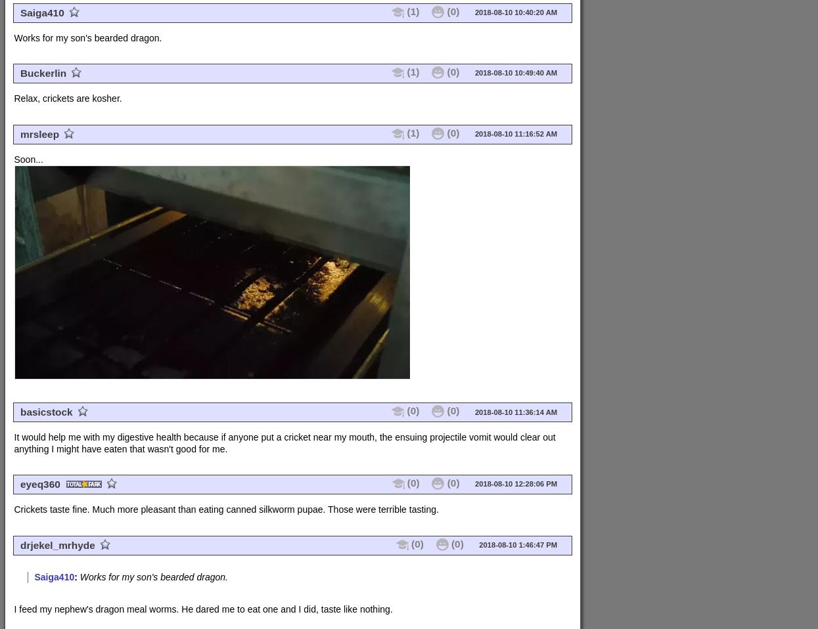 The width and height of the screenshot is (818, 629). Describe the element at coordinates (514, 412) in the screenshot. I see `'2018-08-10 11:36:14 AM'` at that location.